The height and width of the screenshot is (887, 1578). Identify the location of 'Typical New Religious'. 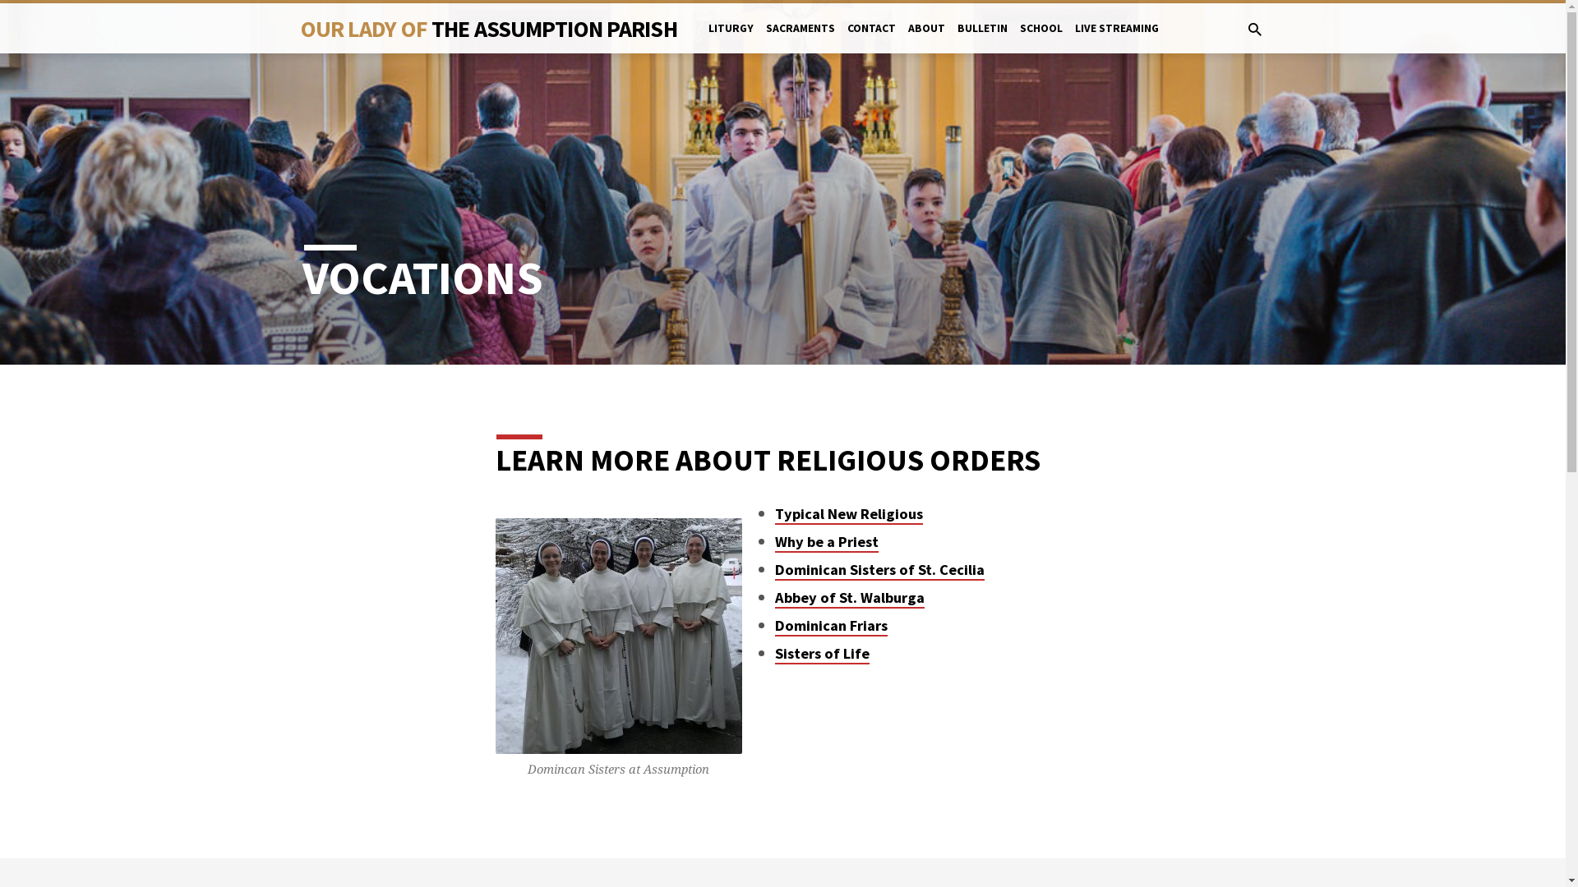
(848, 513).